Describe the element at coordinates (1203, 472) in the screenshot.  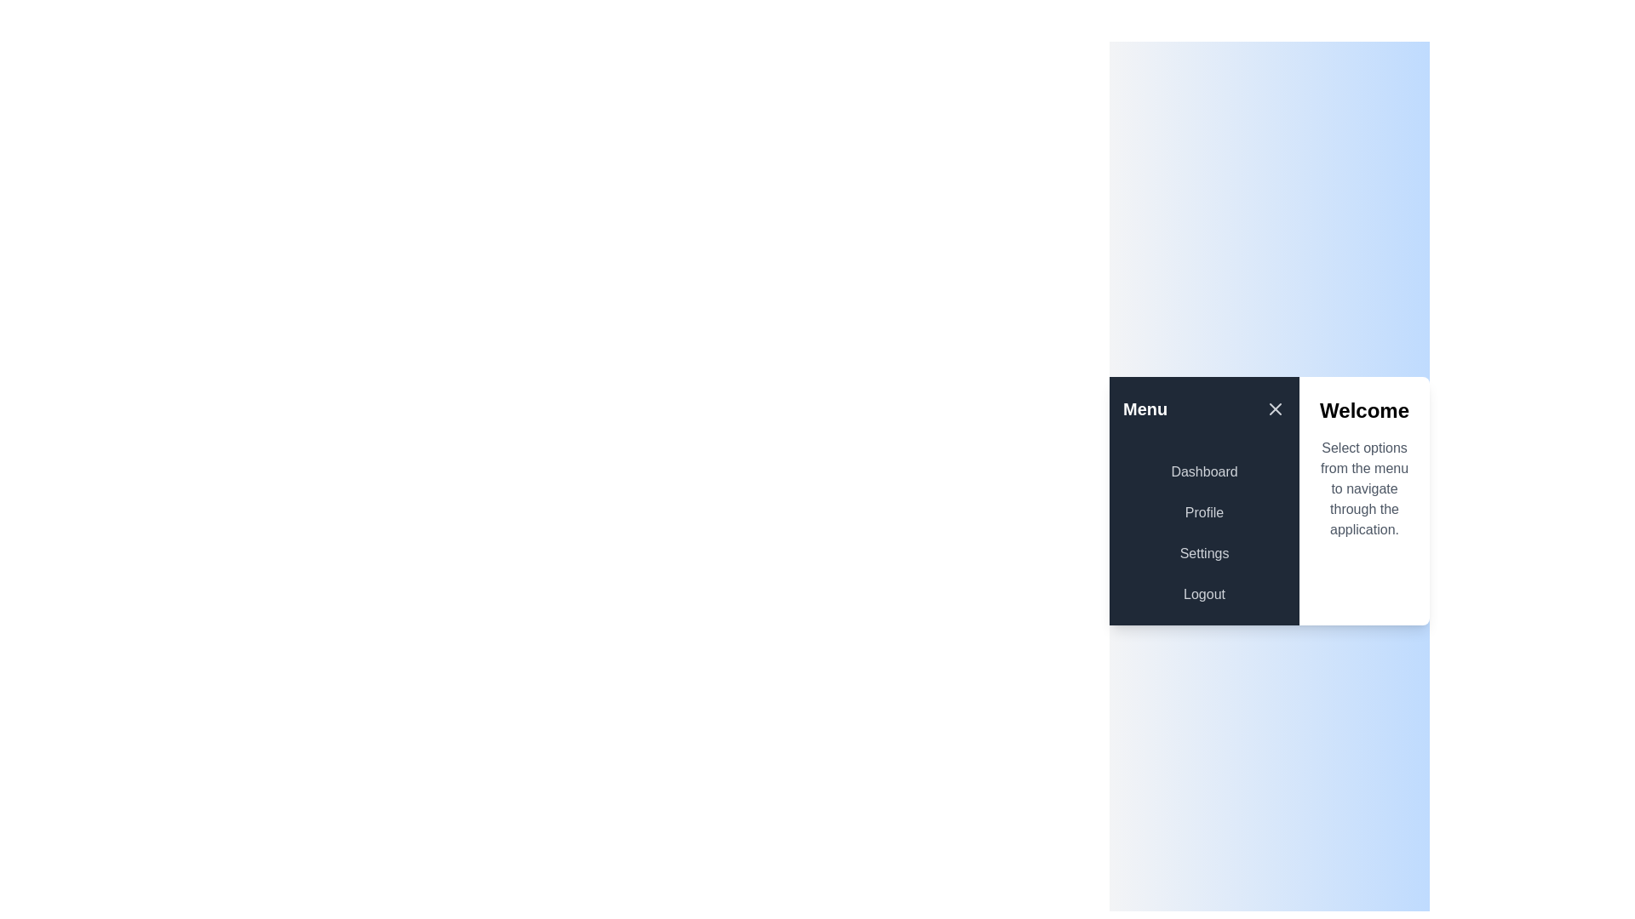
I see `the menu option Dashboard` at that location.